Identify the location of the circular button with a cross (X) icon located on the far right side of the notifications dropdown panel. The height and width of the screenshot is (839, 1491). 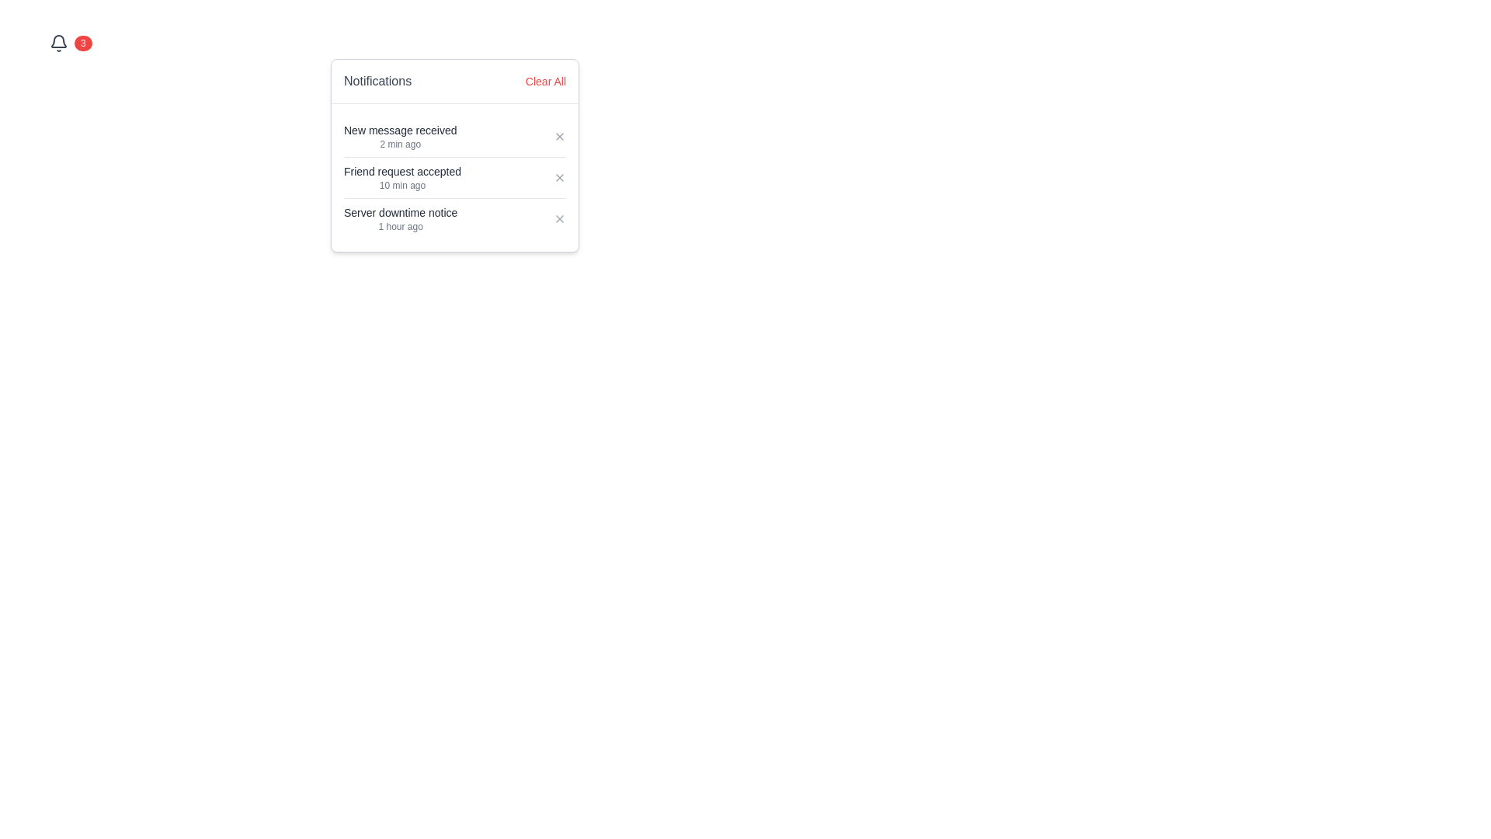
(559, 218).